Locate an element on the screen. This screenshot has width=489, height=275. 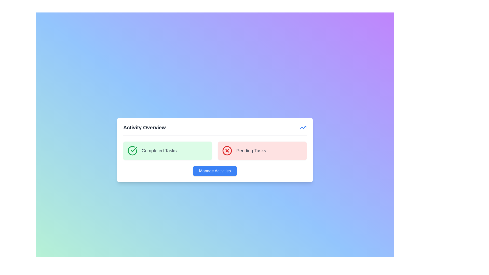
the Indicator Icon adjacent to the 'Pending Tasks' label to visually recognize tasks that need action is located at coordinates (227, 150).